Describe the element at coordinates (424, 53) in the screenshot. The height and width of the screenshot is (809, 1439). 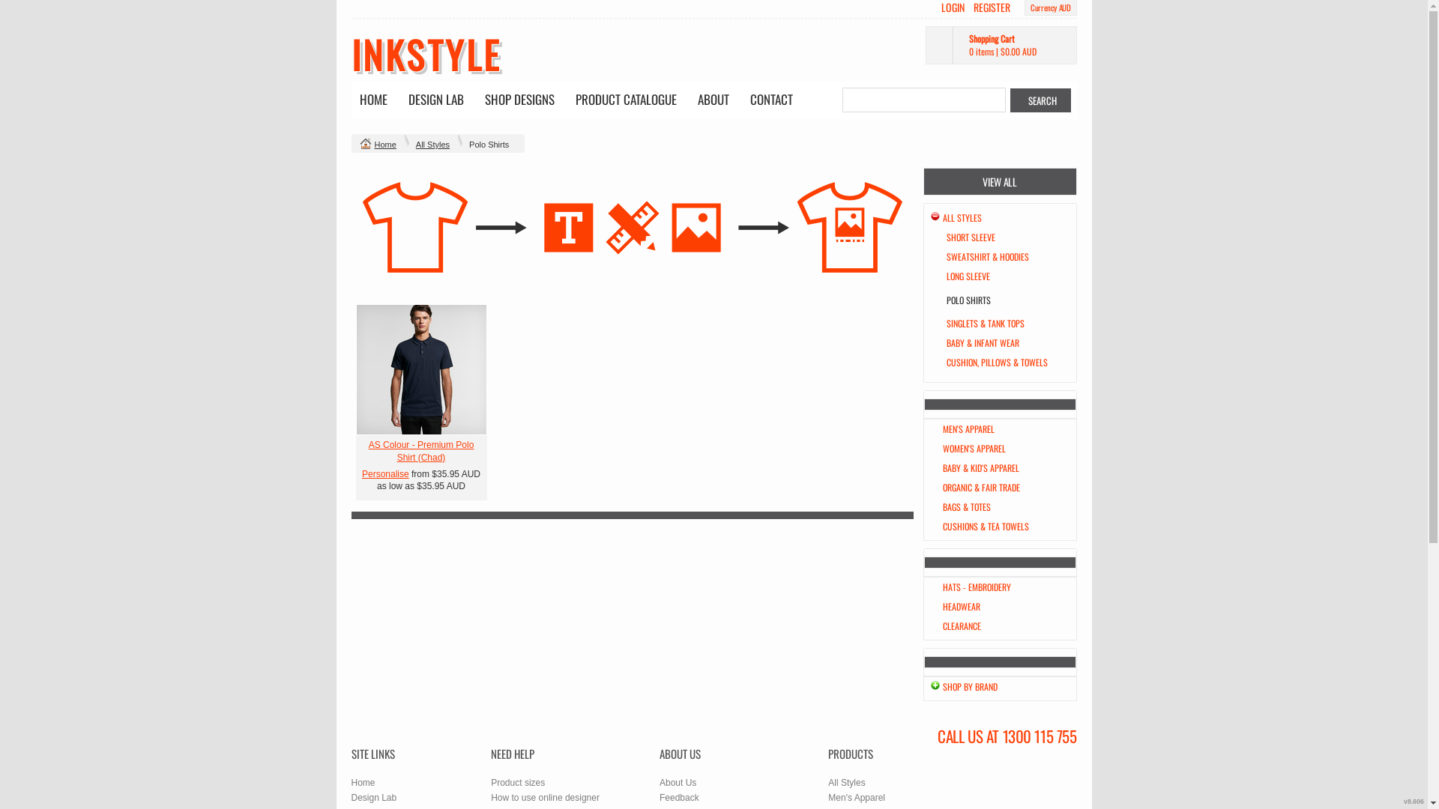
I see `'INKSTYLE'` at that location.